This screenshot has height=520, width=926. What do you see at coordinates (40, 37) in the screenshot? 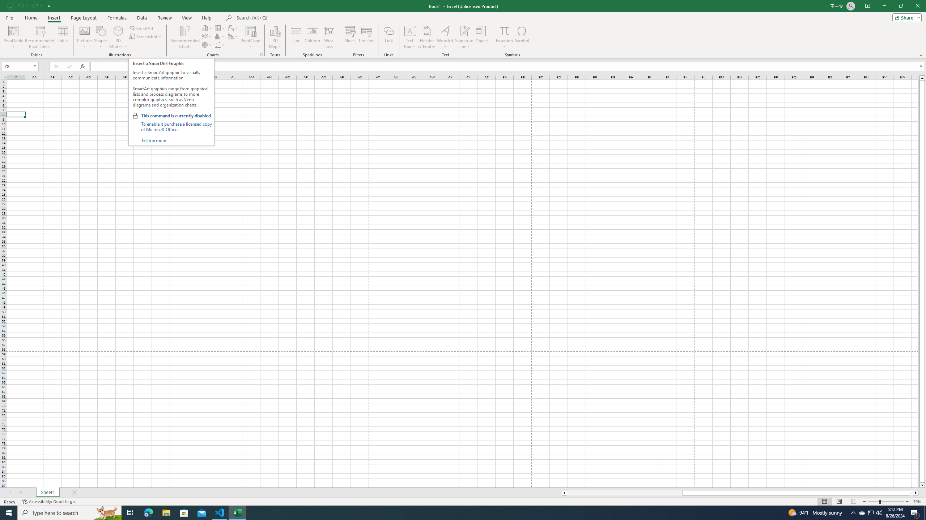
I see `'Recommended PivotTables'` at bounding box center [40, 37].